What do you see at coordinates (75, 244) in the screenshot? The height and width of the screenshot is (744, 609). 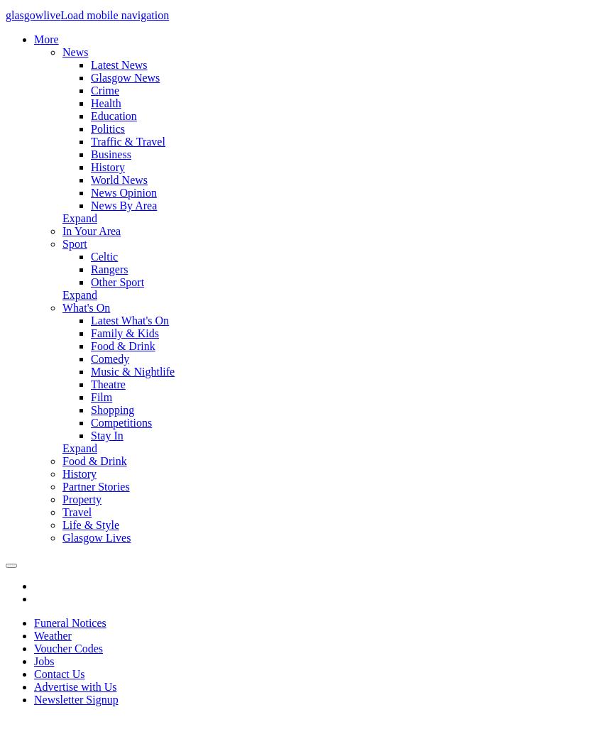 I see `'Sport'` at bounding box center [75, 244].